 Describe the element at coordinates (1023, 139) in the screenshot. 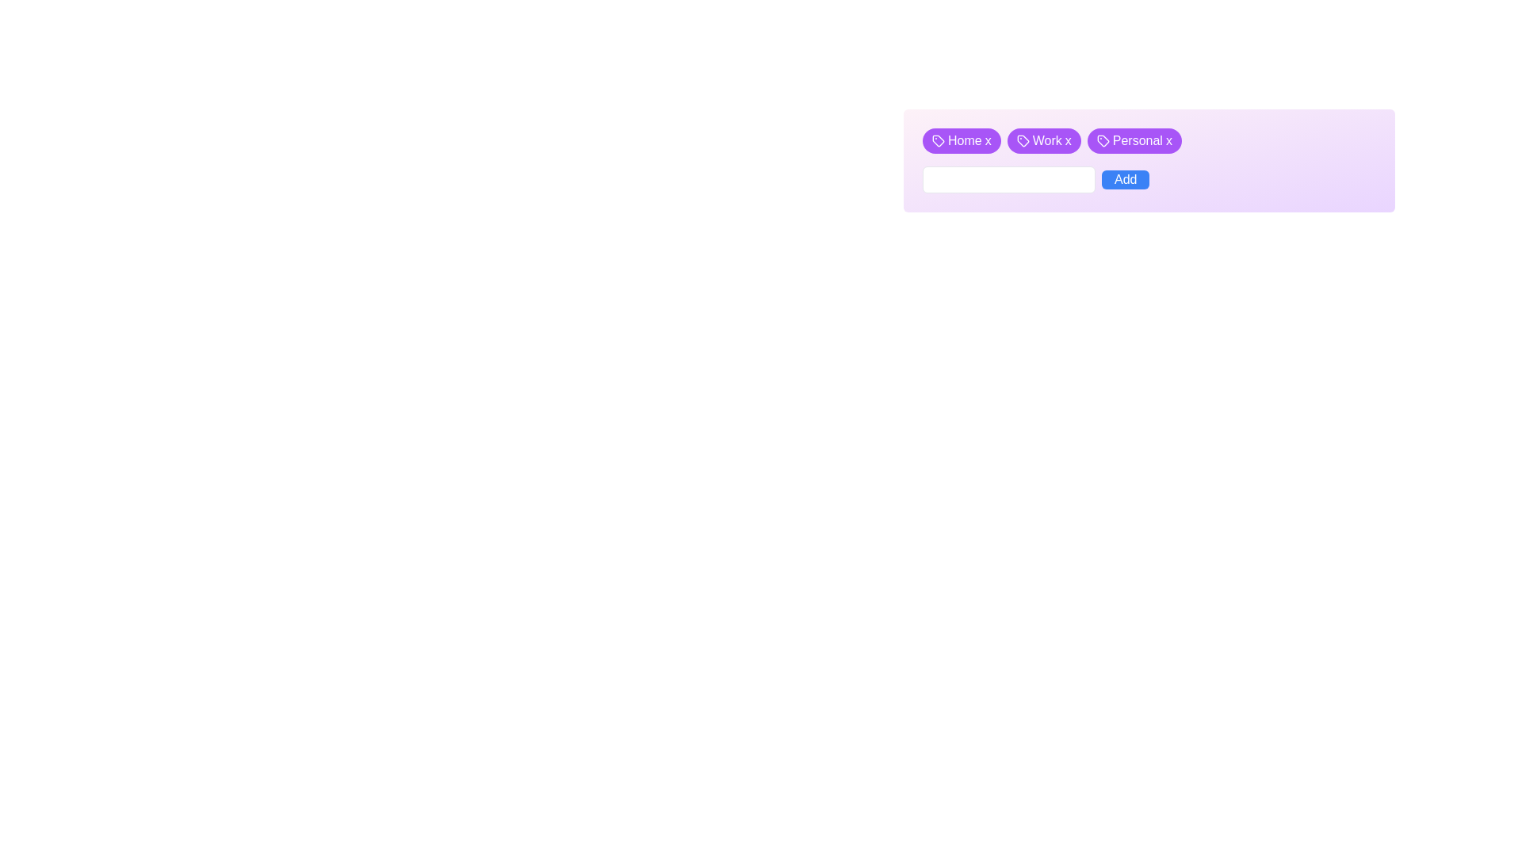

I see `the tag icon with a purple background located to the left of the text 'Work' in the interface` at that location.